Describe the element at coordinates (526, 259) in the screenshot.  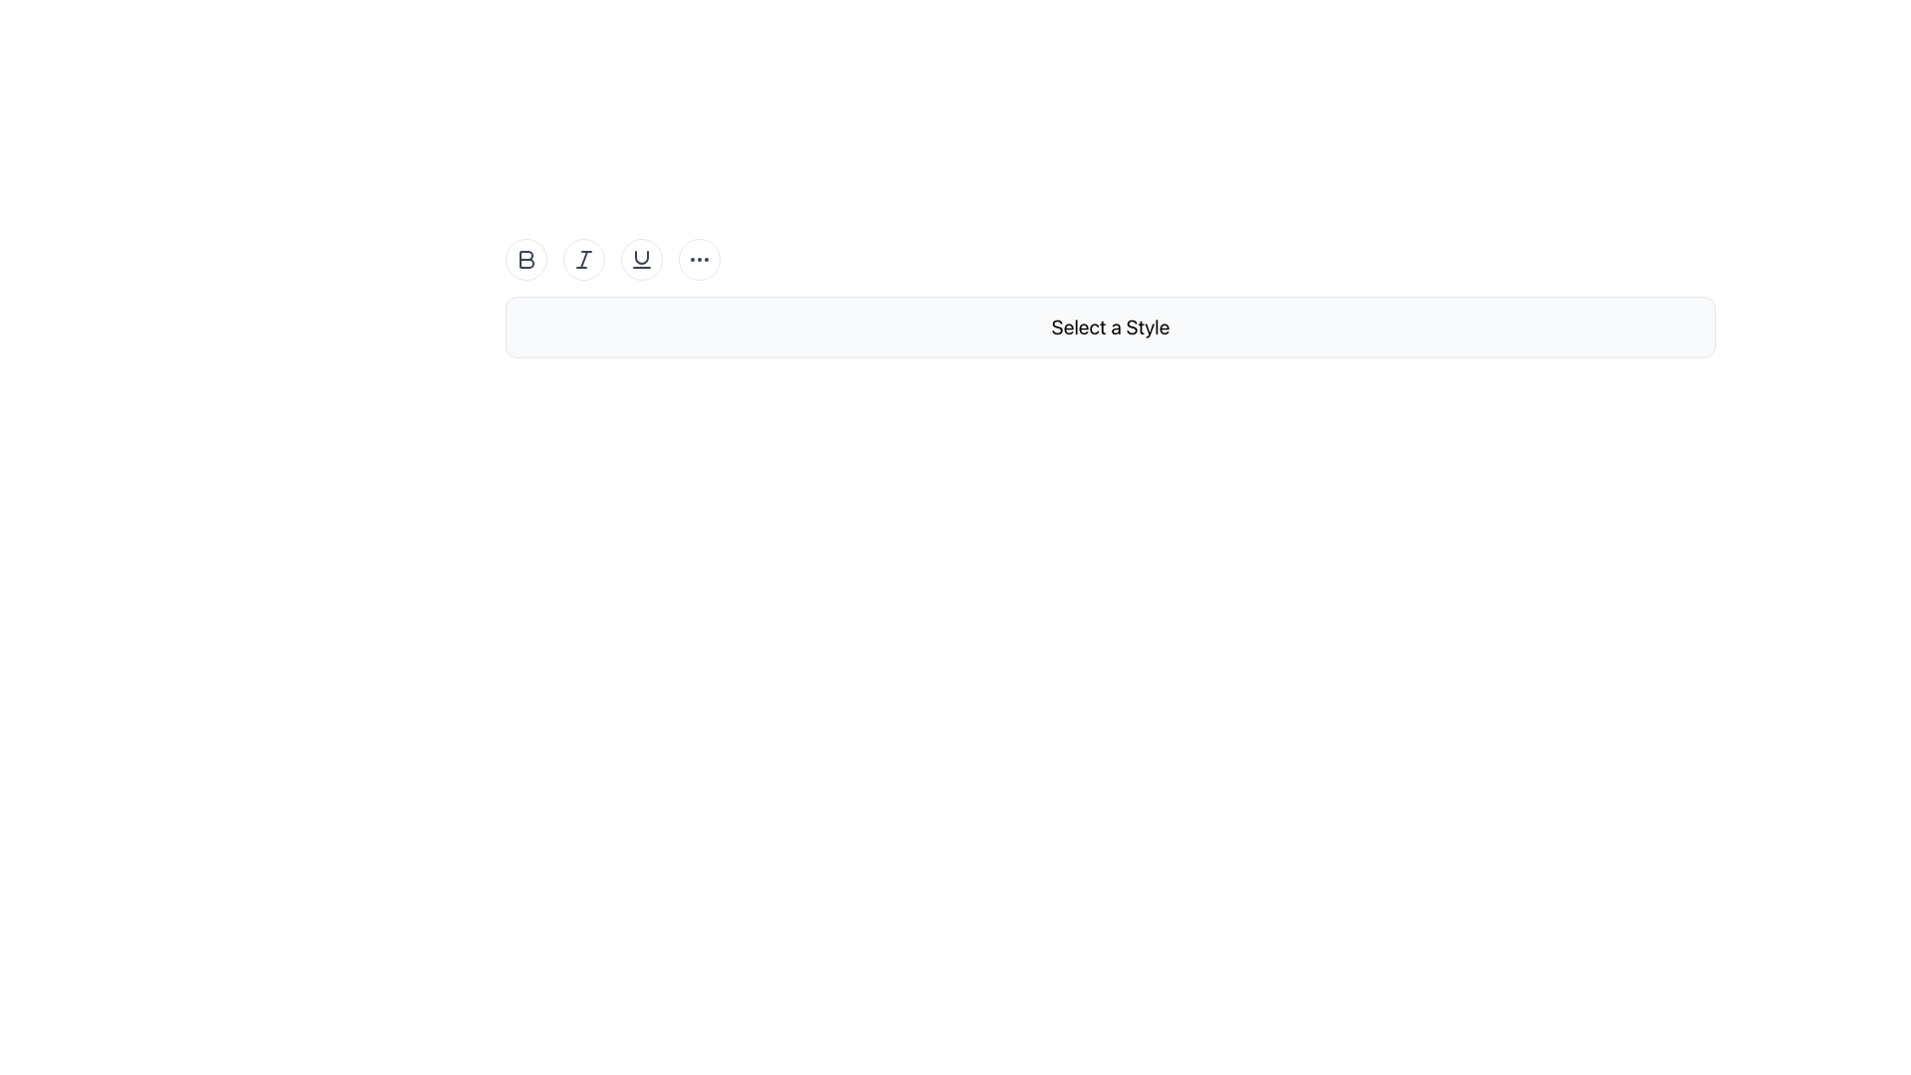
I see `the first circular button in the horizontal toolbar at the top-center of the interface` at that location.